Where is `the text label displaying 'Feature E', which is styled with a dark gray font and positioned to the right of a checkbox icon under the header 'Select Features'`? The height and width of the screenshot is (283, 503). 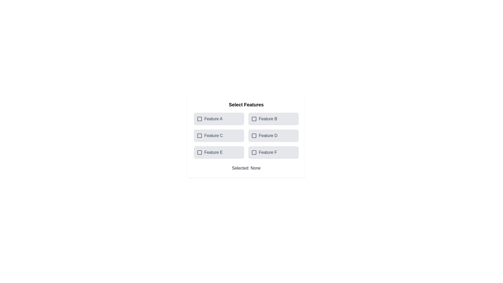
the text label displaying 'Feature E', which is styled with a dark gray font and positioned to the right of a checkbox icon under the header 'Select Features' is located at coordinates (214, 153).